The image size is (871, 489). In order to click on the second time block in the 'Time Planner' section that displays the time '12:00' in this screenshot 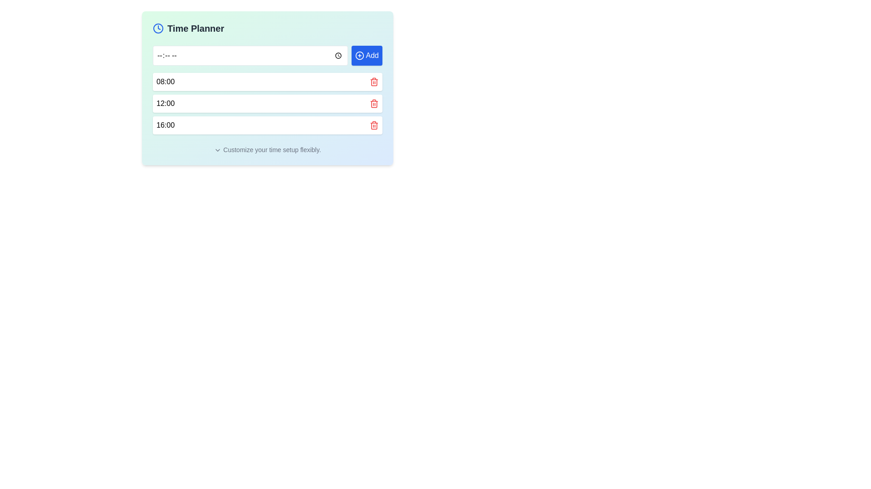, I will do `click(267, 103)`.